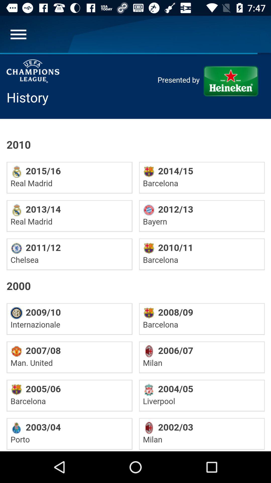 This screenshot has width=271, height=483. What do you see at coordinates (135, 252) in the screenshot?
I see `advertisement page` at bounding box center [135, 252].